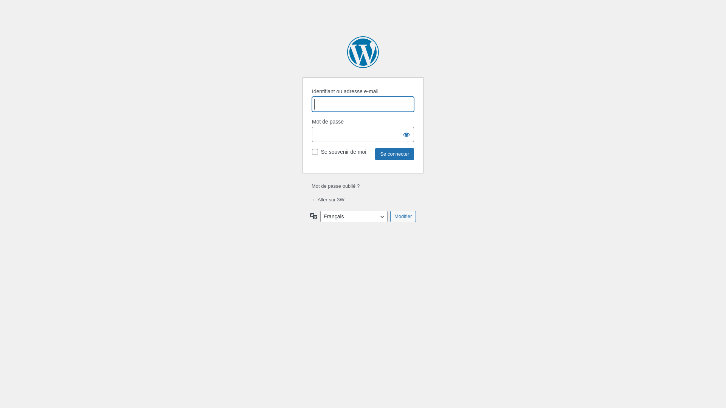  Describe the element at coordinates (394, 154) in the screenshot. I see `'Se connecter'` at that location.